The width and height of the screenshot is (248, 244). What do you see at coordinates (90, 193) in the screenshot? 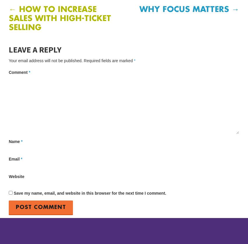
I see `'Save my name, email, and website in this browser for the next time I comment.'` at bounding box center [90, 193].